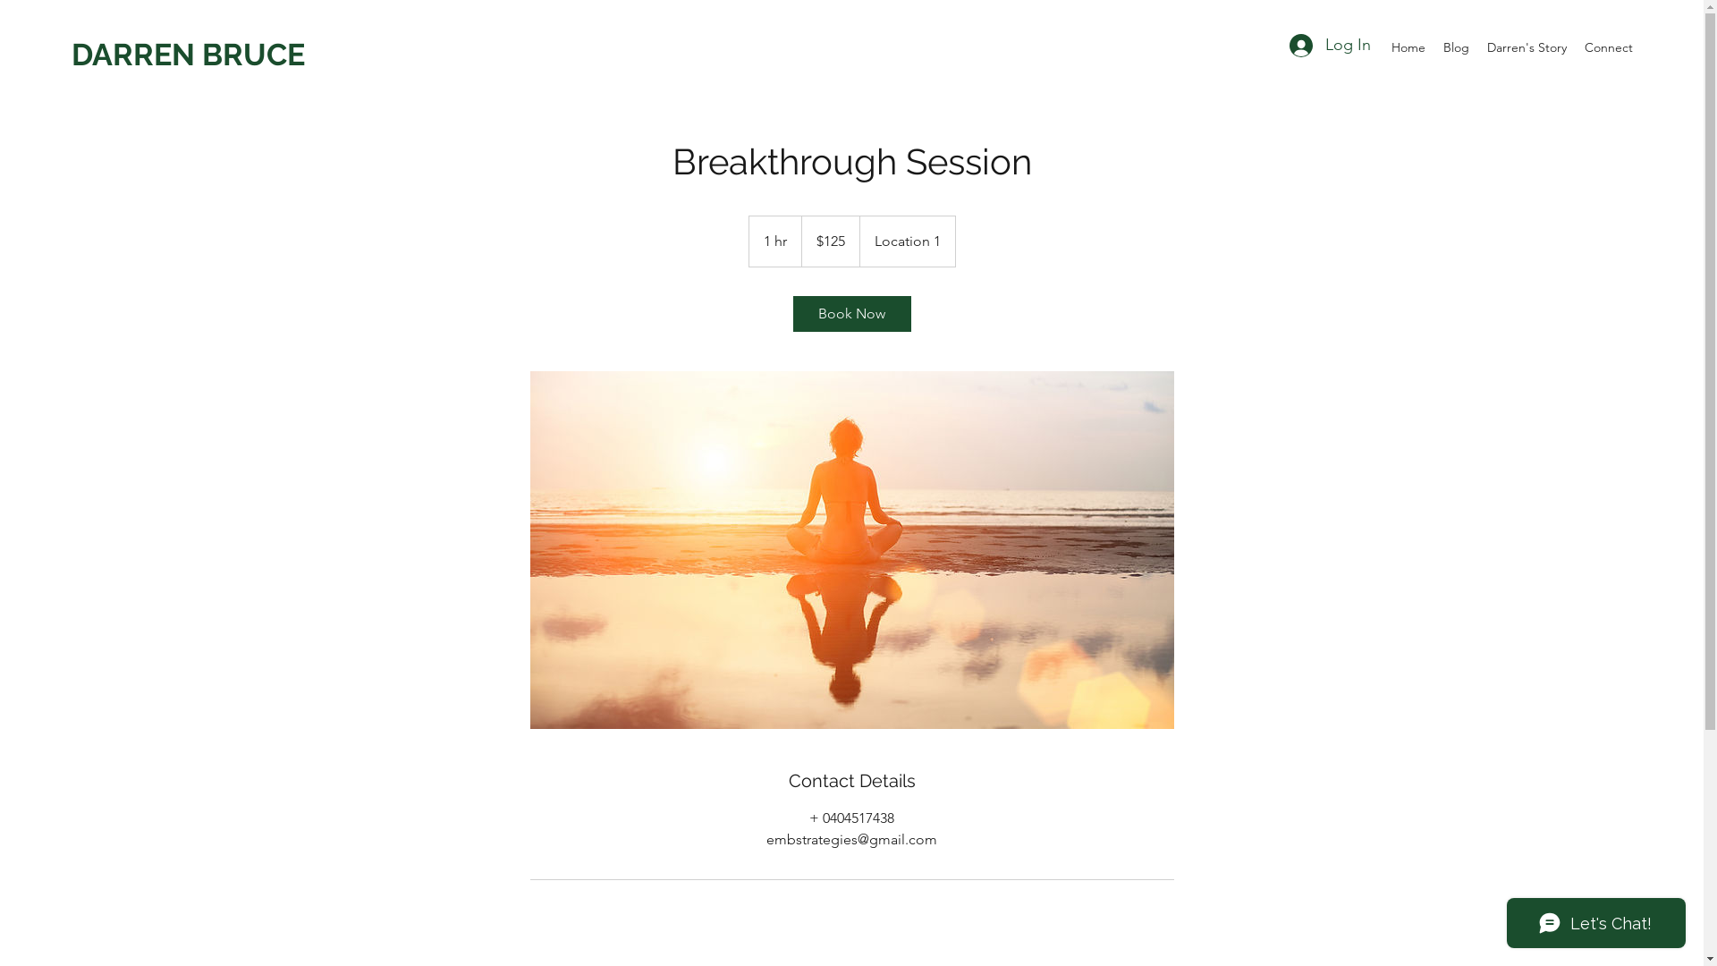 The width and height of the screenshot is (1717, 966). Describe the element at coordinates (1434, 47) in the screenshot. I see `'Blog'` at that location.